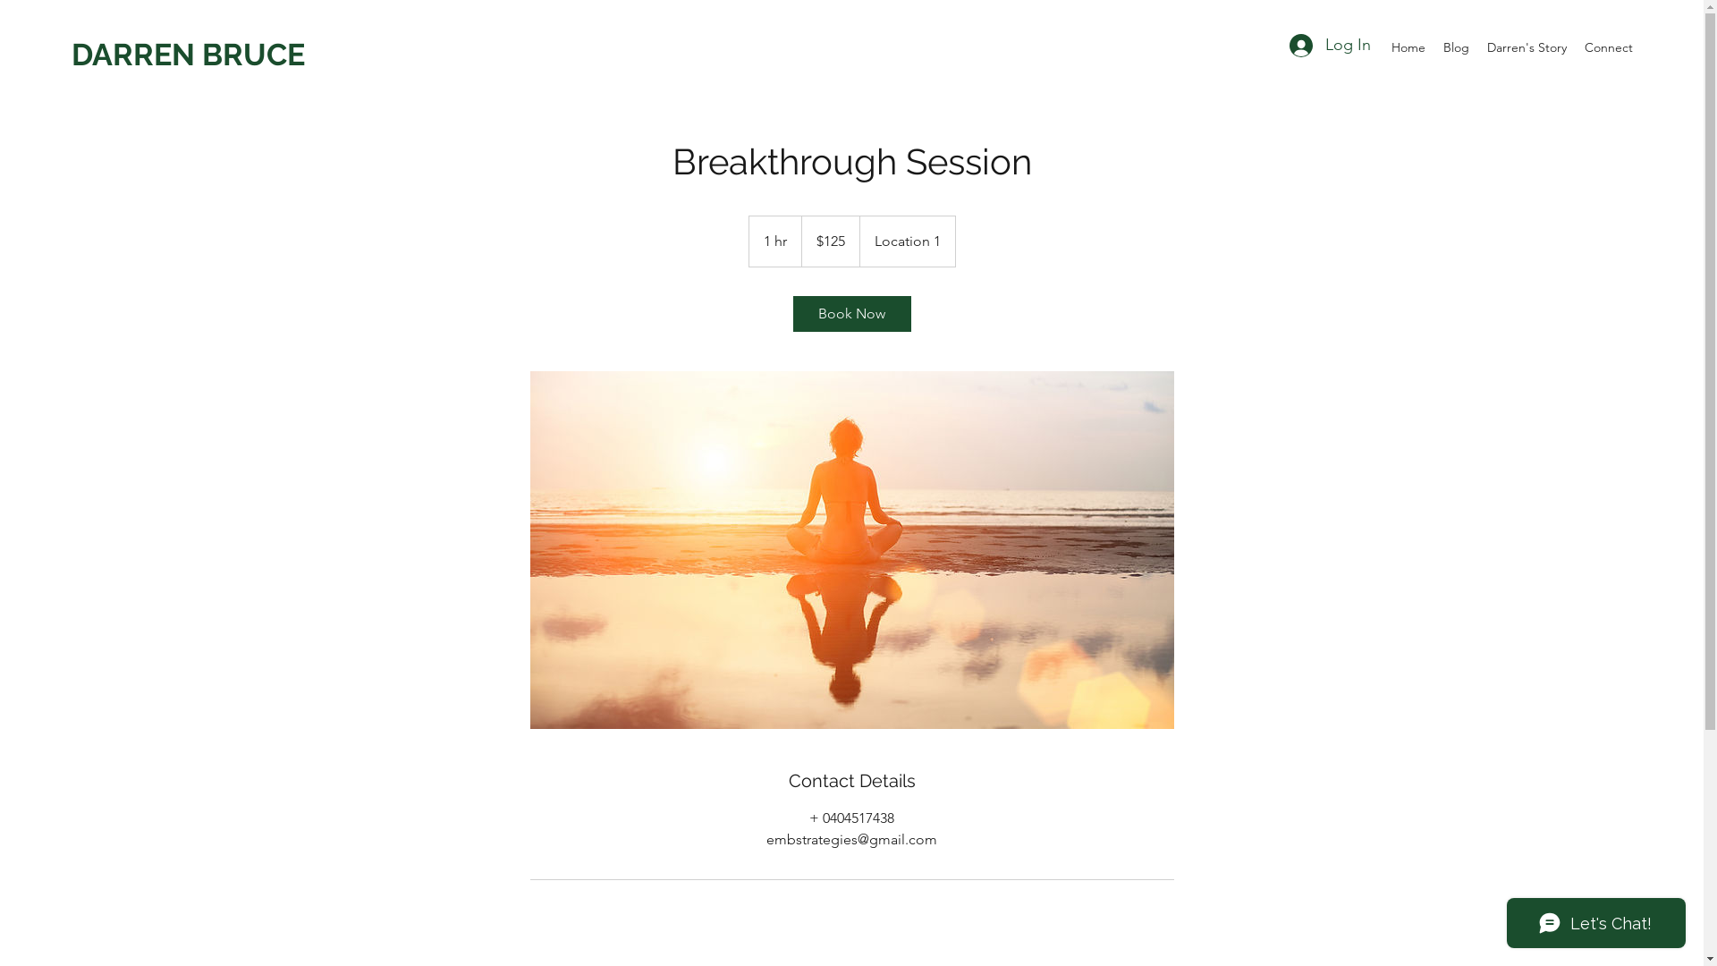 The width and height of the screenshot is (1717, 966). Describe the element at coordinates (1434, 47) in the screenshot. I see `'Blog'` at that location.